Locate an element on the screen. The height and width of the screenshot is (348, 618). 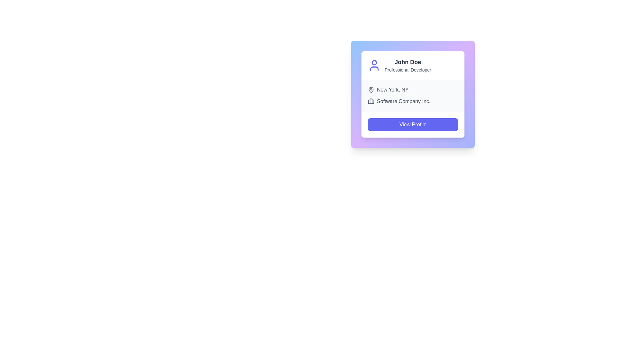
the user's name text element, which is prominently displayed at the top of the profile card above the 'Professional Developer' descriptor, centrally aligned horizontally is located at coordinates (407, 62).